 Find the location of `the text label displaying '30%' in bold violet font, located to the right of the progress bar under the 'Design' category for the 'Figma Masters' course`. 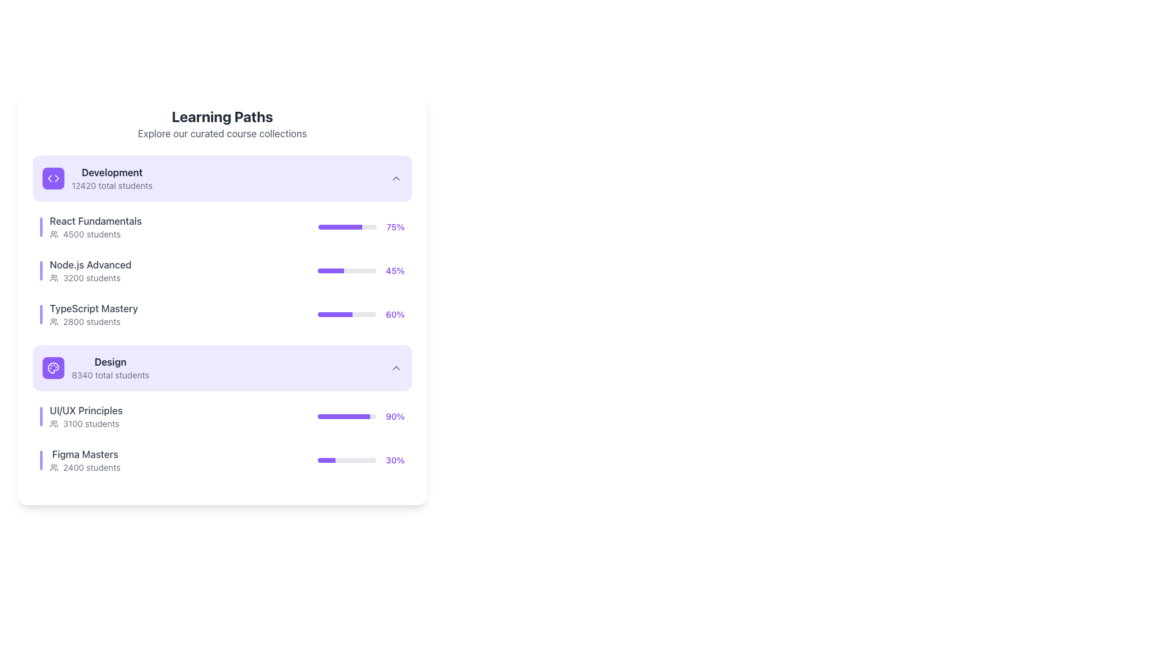

the text label displaying '30%' in bold violet font, located to the right of the progress bar under the 'Design' category for the 'Figma Masters' course is located at coordinates (395, 460).